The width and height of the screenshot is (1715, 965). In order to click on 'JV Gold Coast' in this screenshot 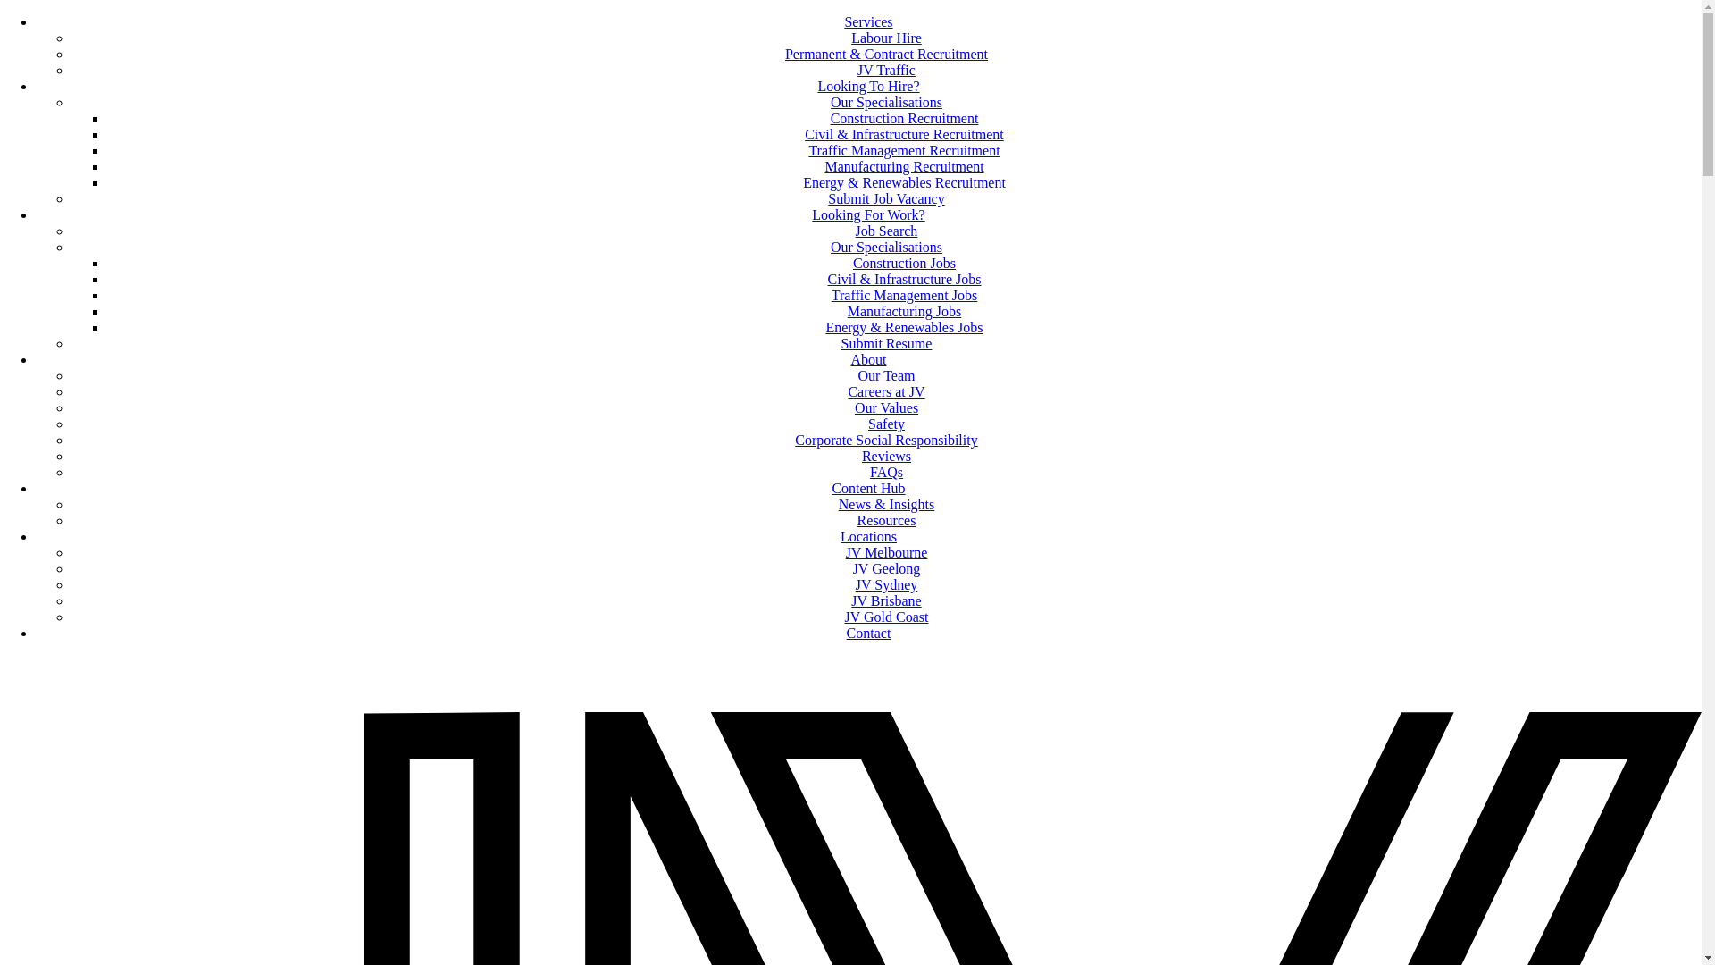, I will do `click(887, 616)`.